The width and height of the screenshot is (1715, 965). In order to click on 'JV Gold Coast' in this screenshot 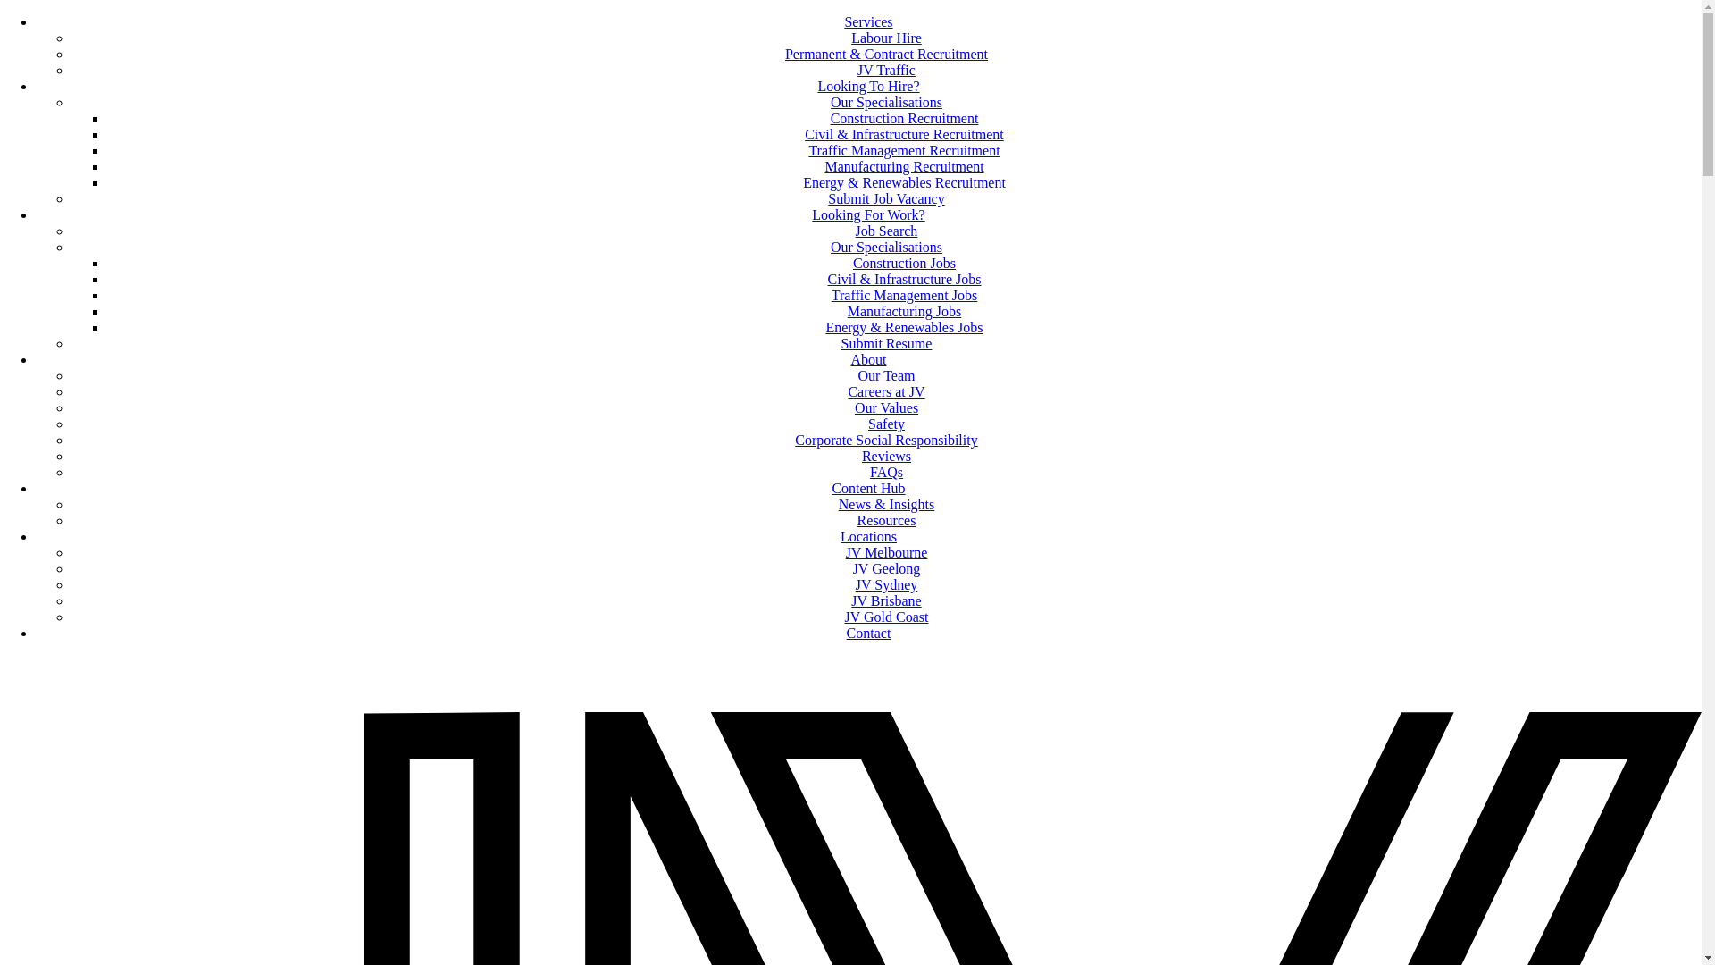, I will do `click(887, 616)`.